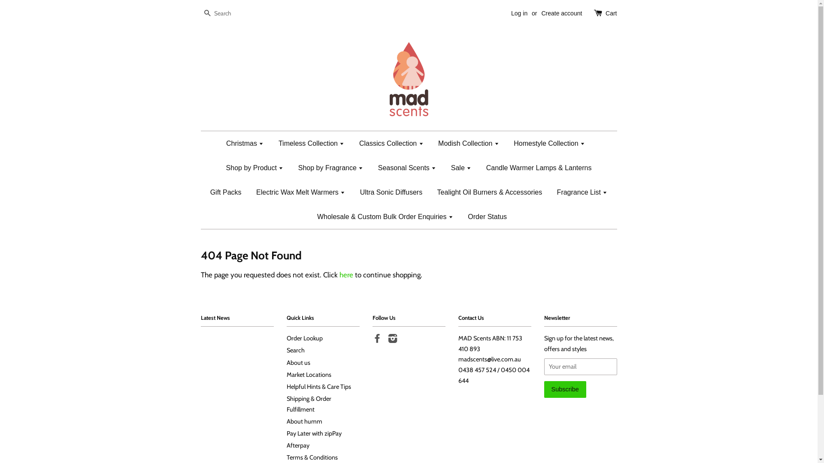  I want to click on 'Afterpay', so click(298, 445).